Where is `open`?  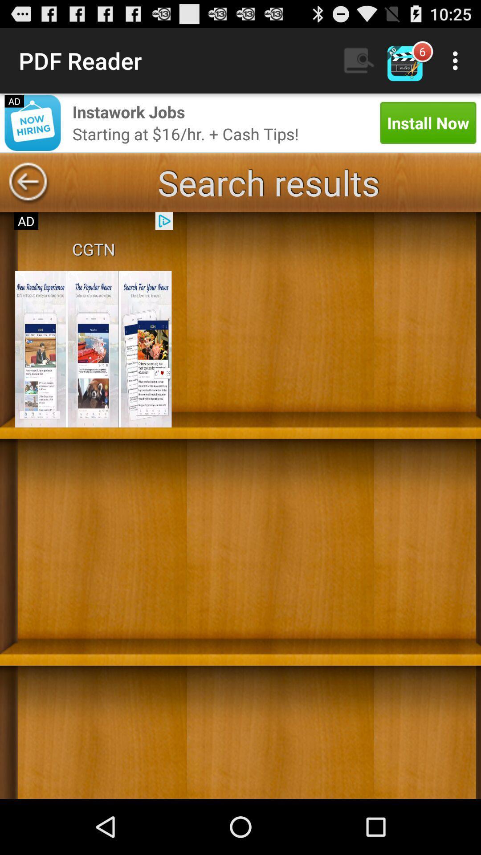 open is located at coordinates (93, 349).